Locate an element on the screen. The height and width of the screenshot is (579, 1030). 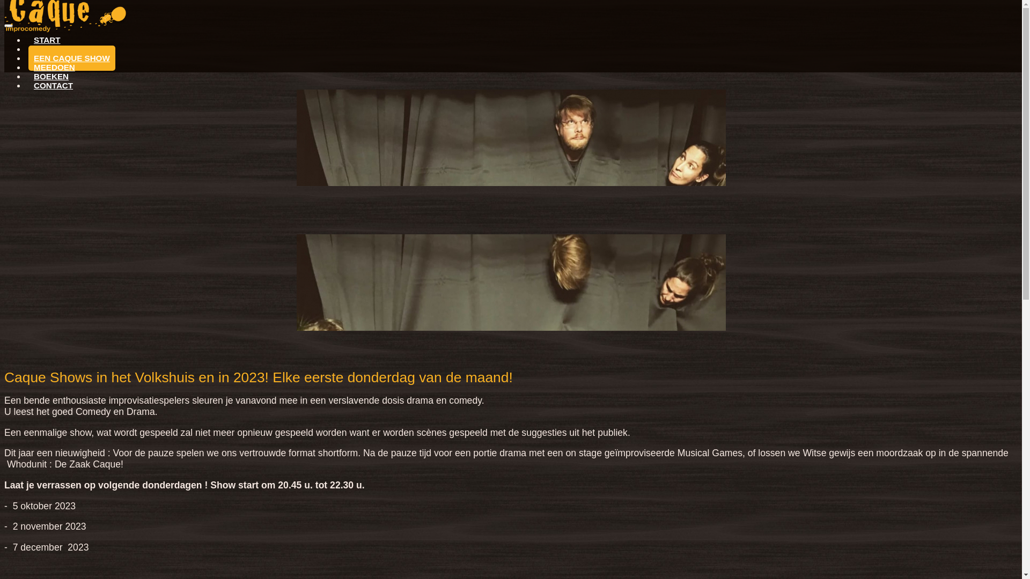
'MEEDOEN' is located at coordinates (54, 67).